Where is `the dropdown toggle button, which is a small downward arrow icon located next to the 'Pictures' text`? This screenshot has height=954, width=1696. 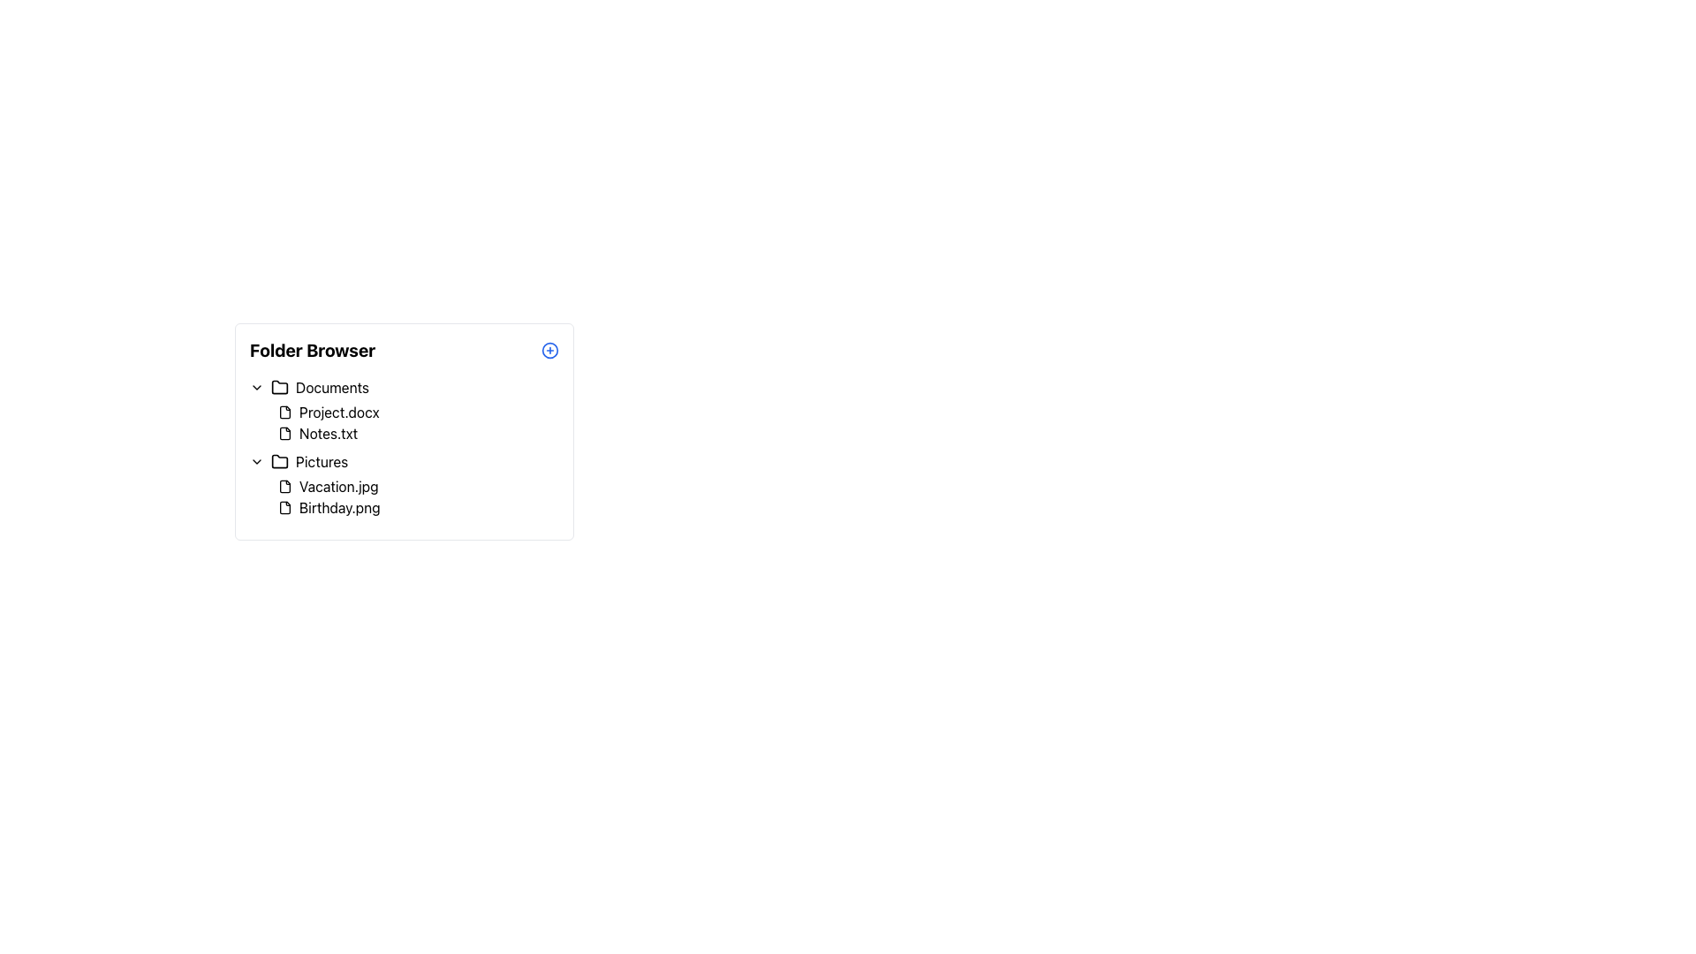 the dropdown toggle button, which is a small downward arrow icon located next to the 'Pictures' text is located at coordinates (256, 461).